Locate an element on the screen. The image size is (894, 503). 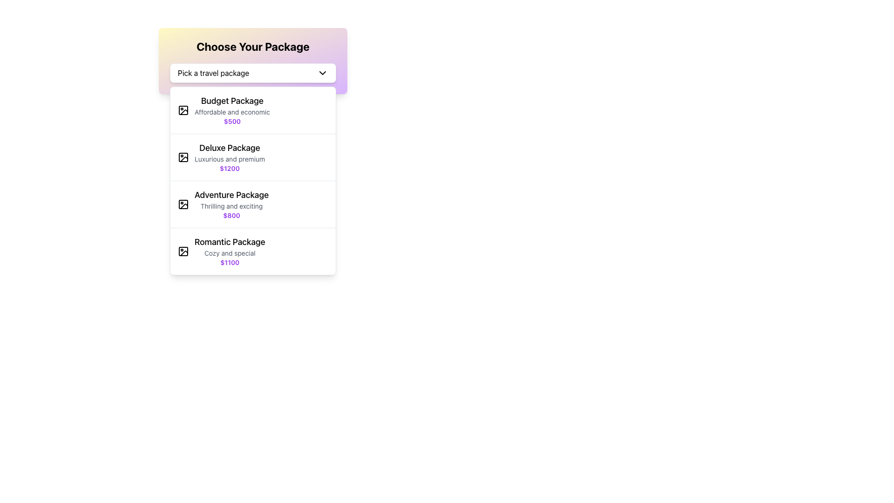
the Vector Graphic Rectangle representing the 'Deluxe Package' option in the travel package selection interface is located at coordinates (183, 157).